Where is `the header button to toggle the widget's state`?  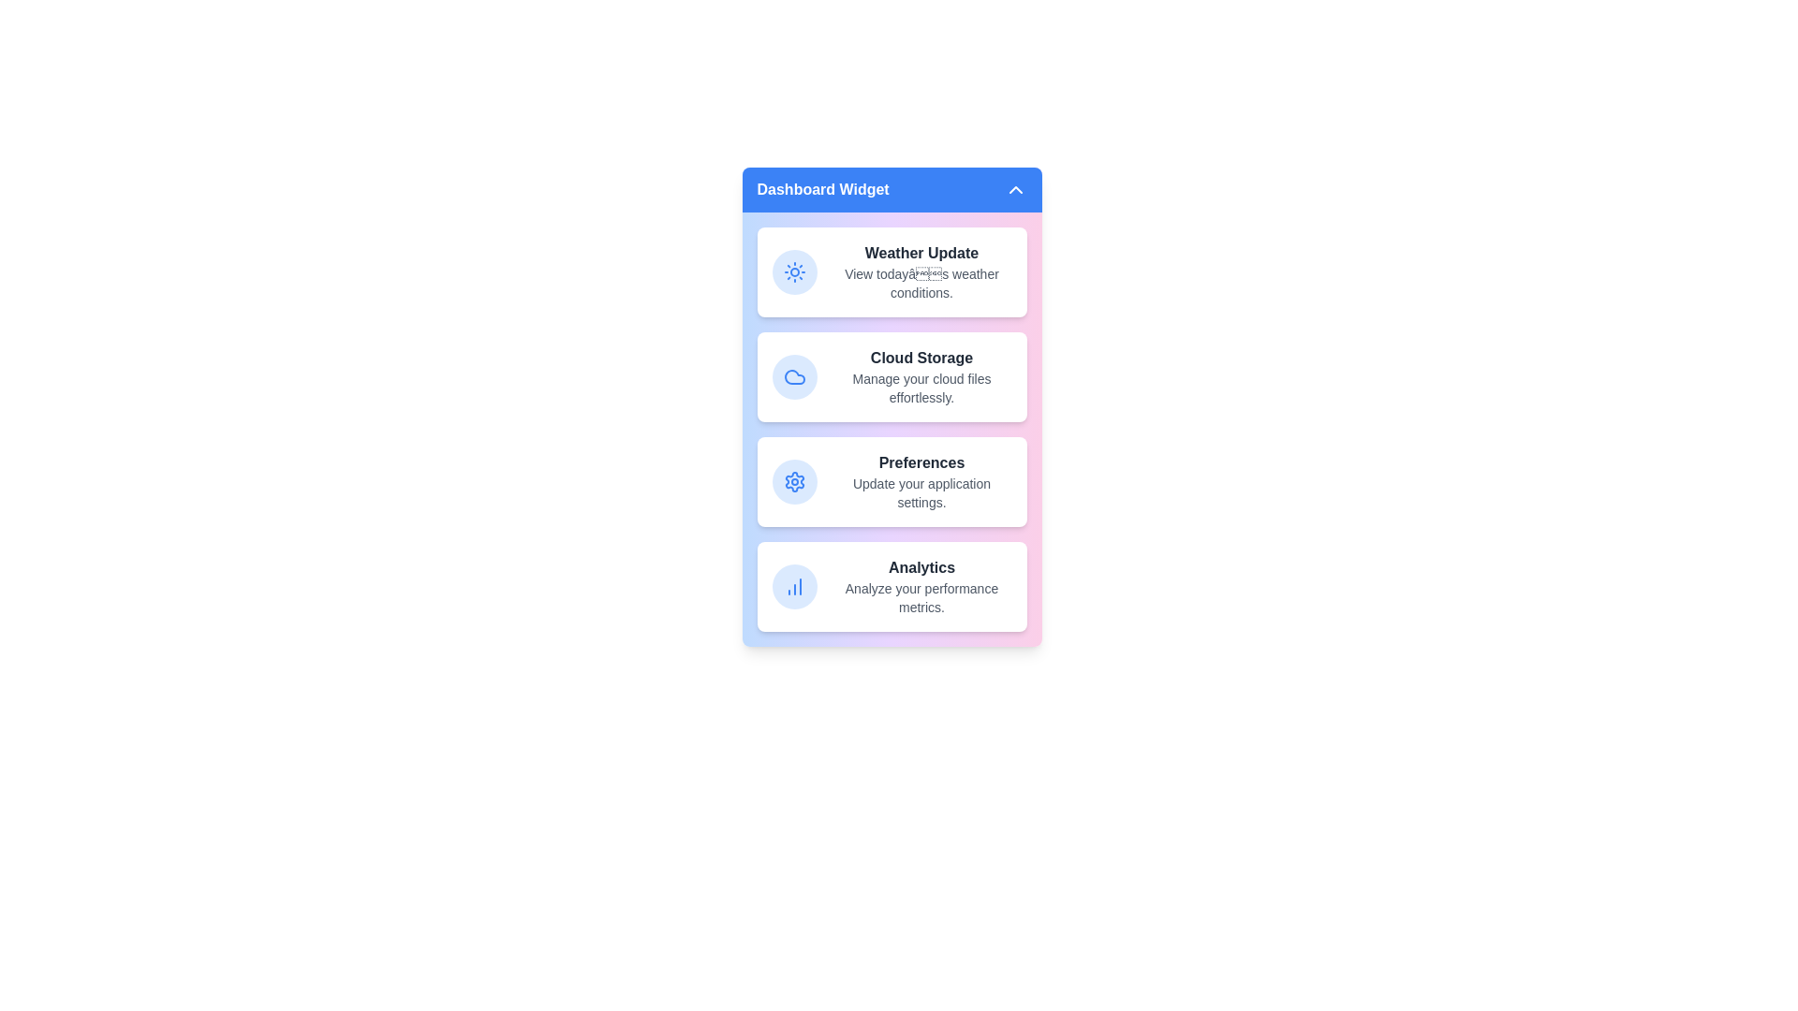 the header button to toggle the widget's state is located at coordinates (891, 190).